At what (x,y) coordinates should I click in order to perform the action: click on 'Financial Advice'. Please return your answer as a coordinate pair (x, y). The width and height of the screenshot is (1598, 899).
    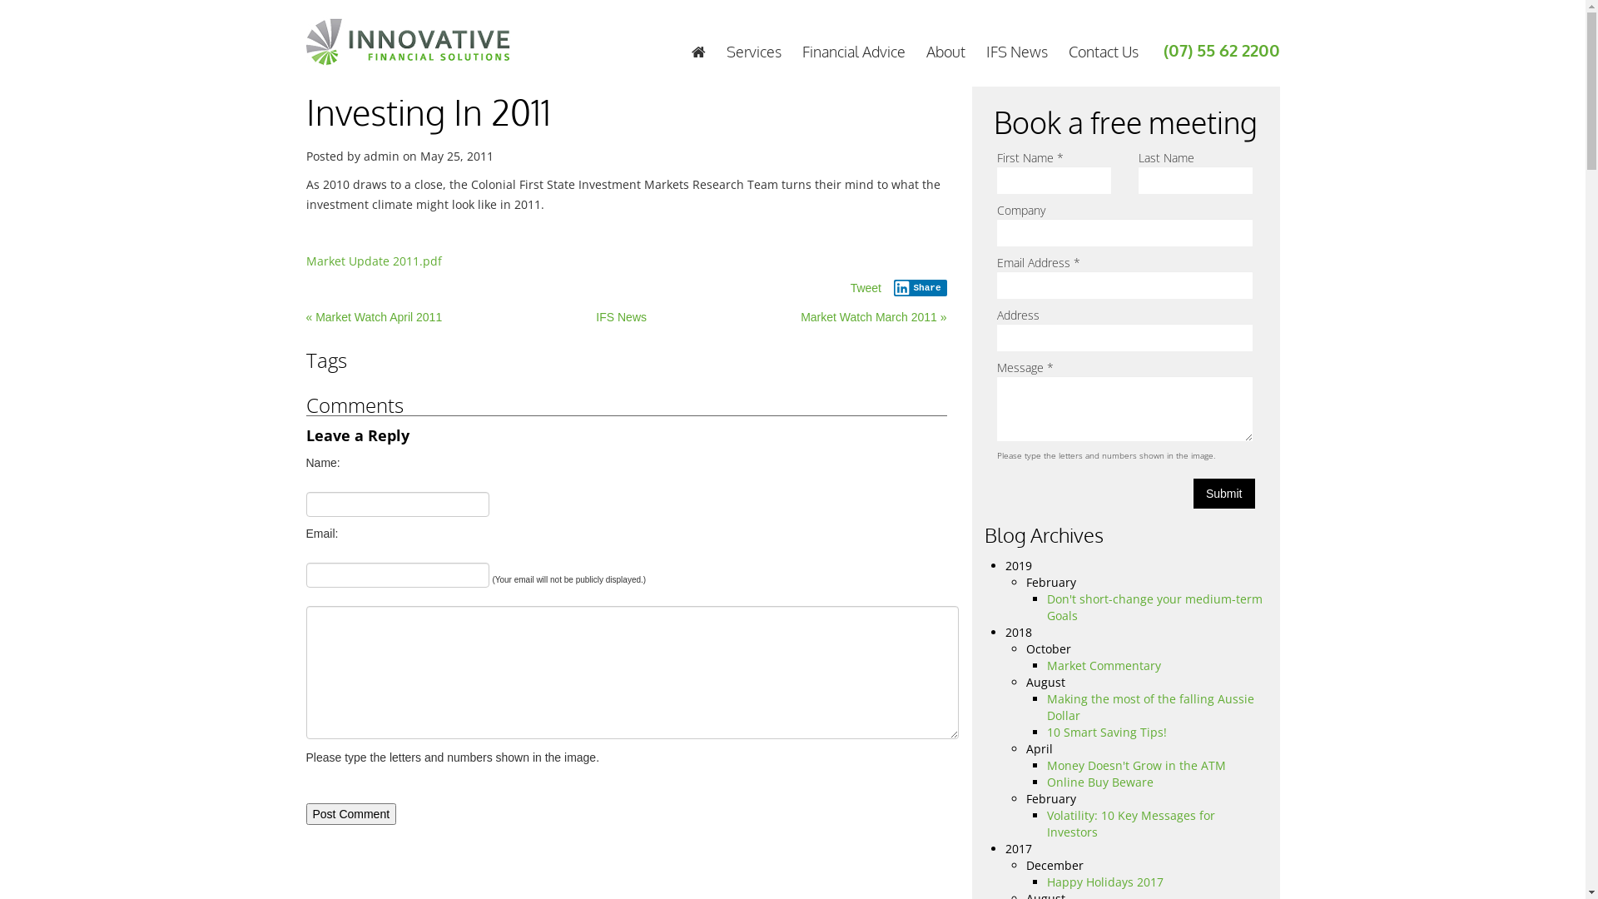
    Looking at the image, I should click on (854, 50).